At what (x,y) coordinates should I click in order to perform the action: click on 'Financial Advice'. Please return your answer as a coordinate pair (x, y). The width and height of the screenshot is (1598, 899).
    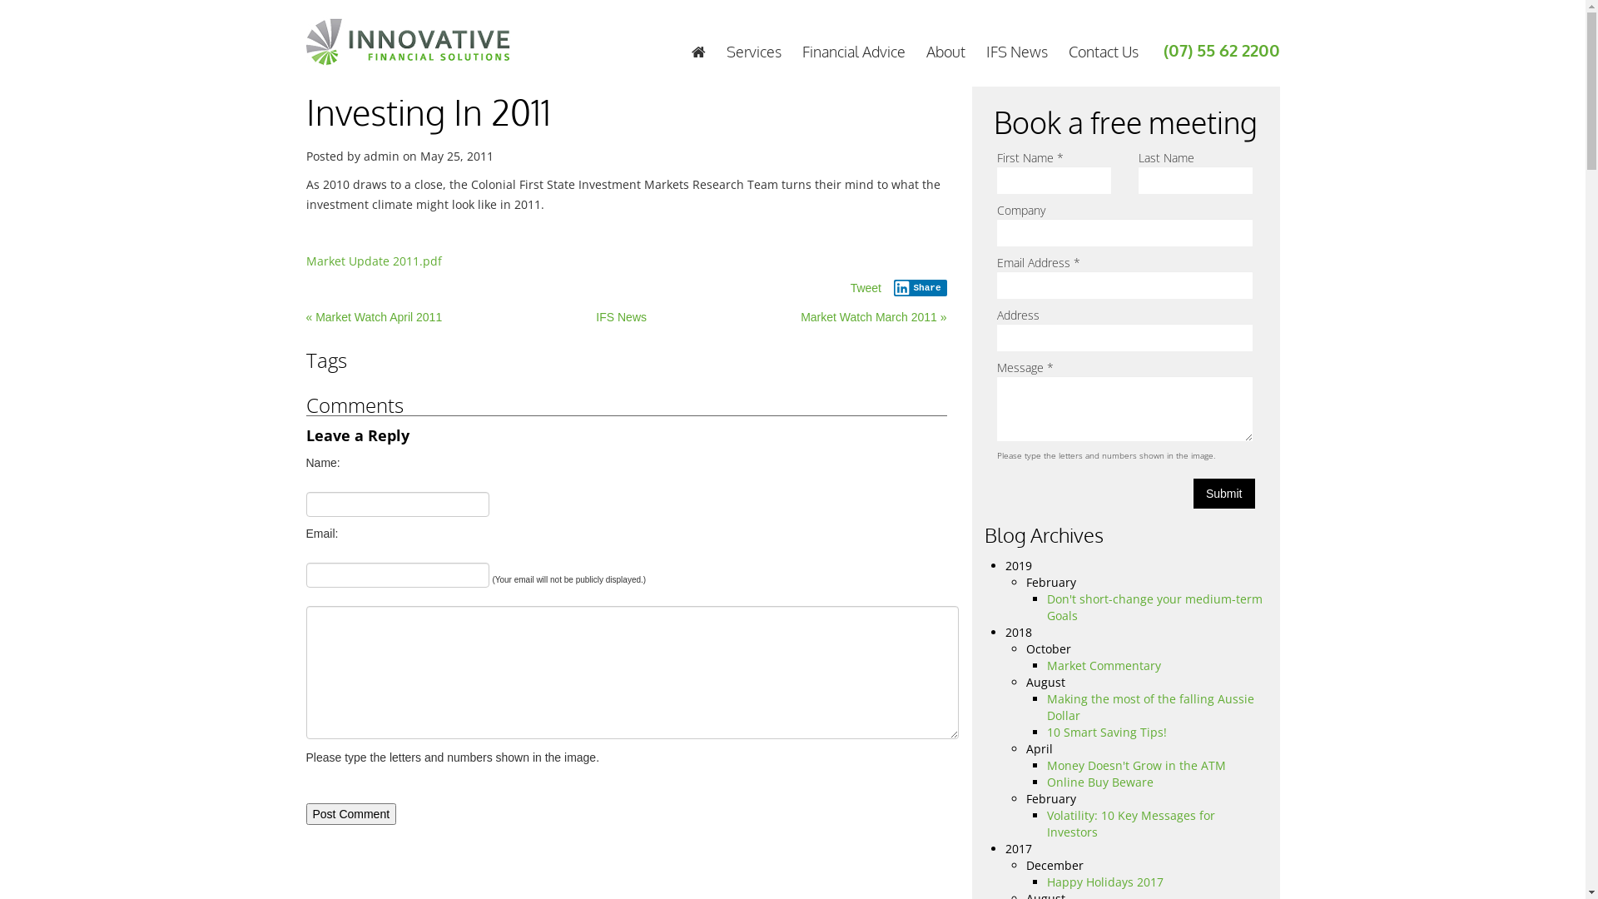
    Looking at the image, I should click on (854, 50).